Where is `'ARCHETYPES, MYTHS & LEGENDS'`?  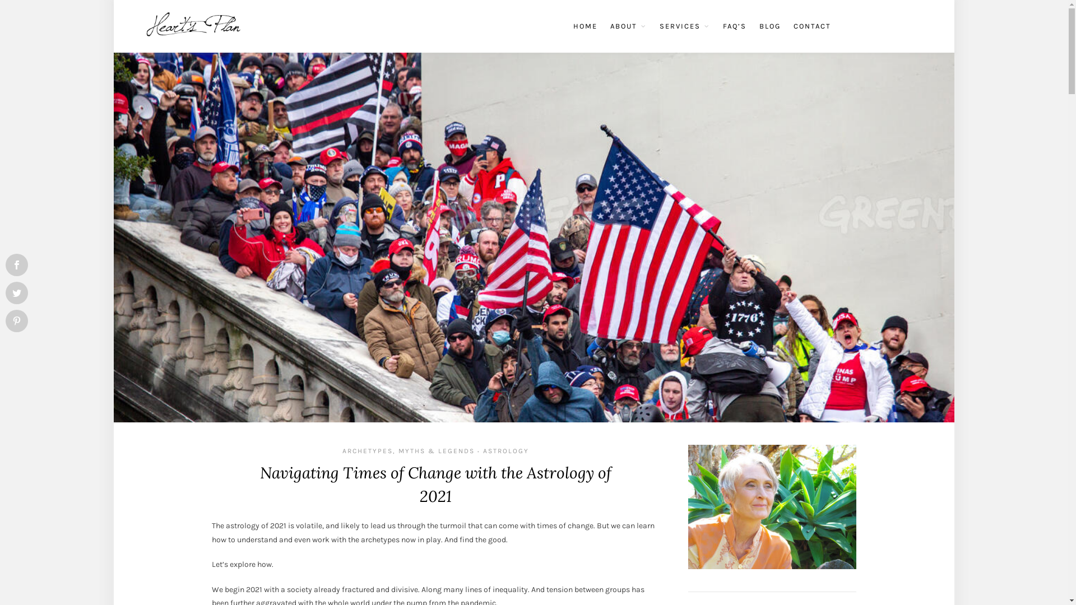 'ARCHETYPES, MYTHS & LEGENDS' is located at coordinates (408, 450).